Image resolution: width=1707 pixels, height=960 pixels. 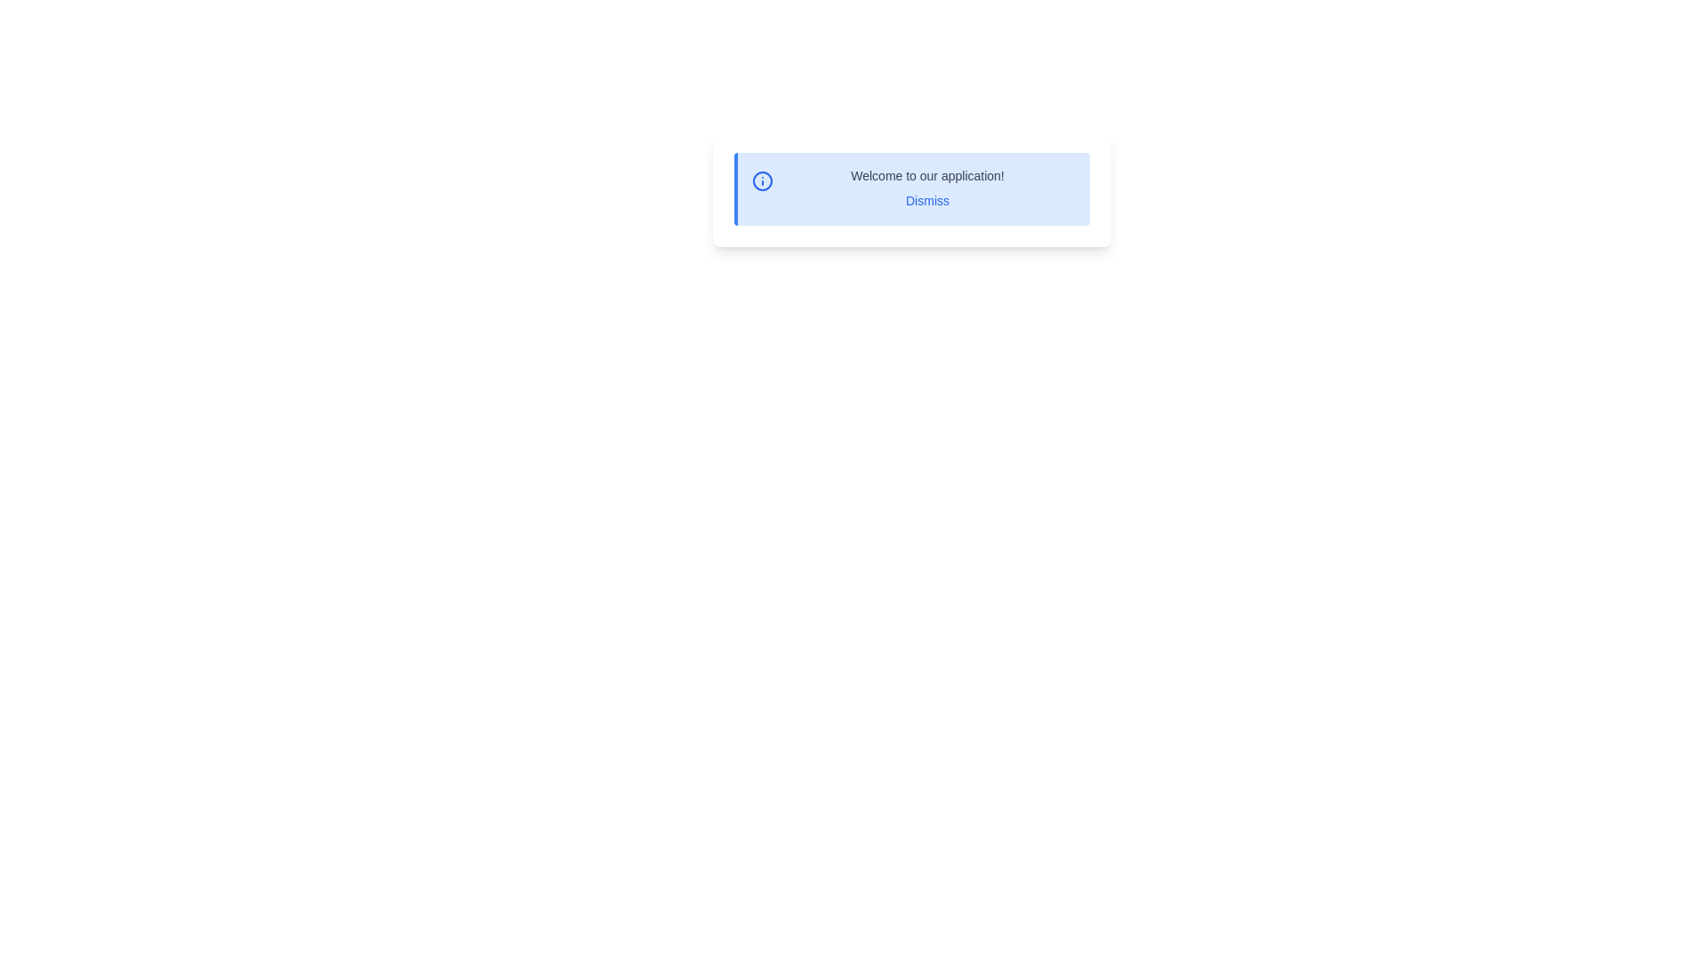 What do you see at coordinates (926, 188) in the screenshot?
I see `the 'Dismiss' text in the notification box` at bounding box center [926, 188].